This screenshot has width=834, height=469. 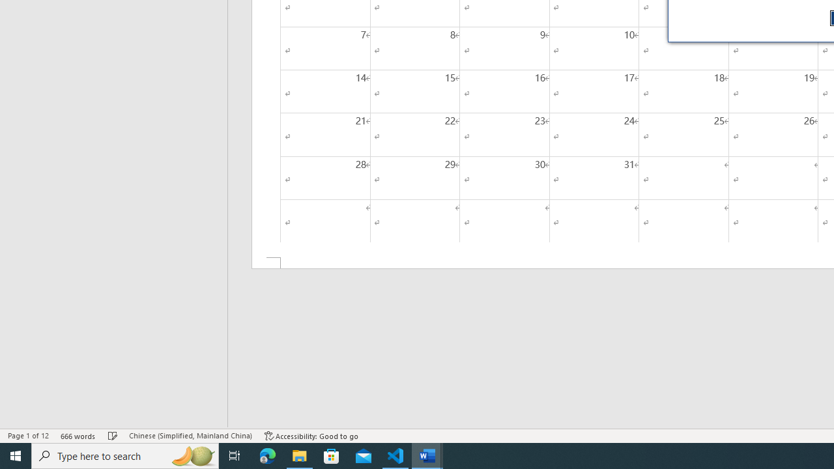 I want to click on 'Task View', so click(x=234, y=455).